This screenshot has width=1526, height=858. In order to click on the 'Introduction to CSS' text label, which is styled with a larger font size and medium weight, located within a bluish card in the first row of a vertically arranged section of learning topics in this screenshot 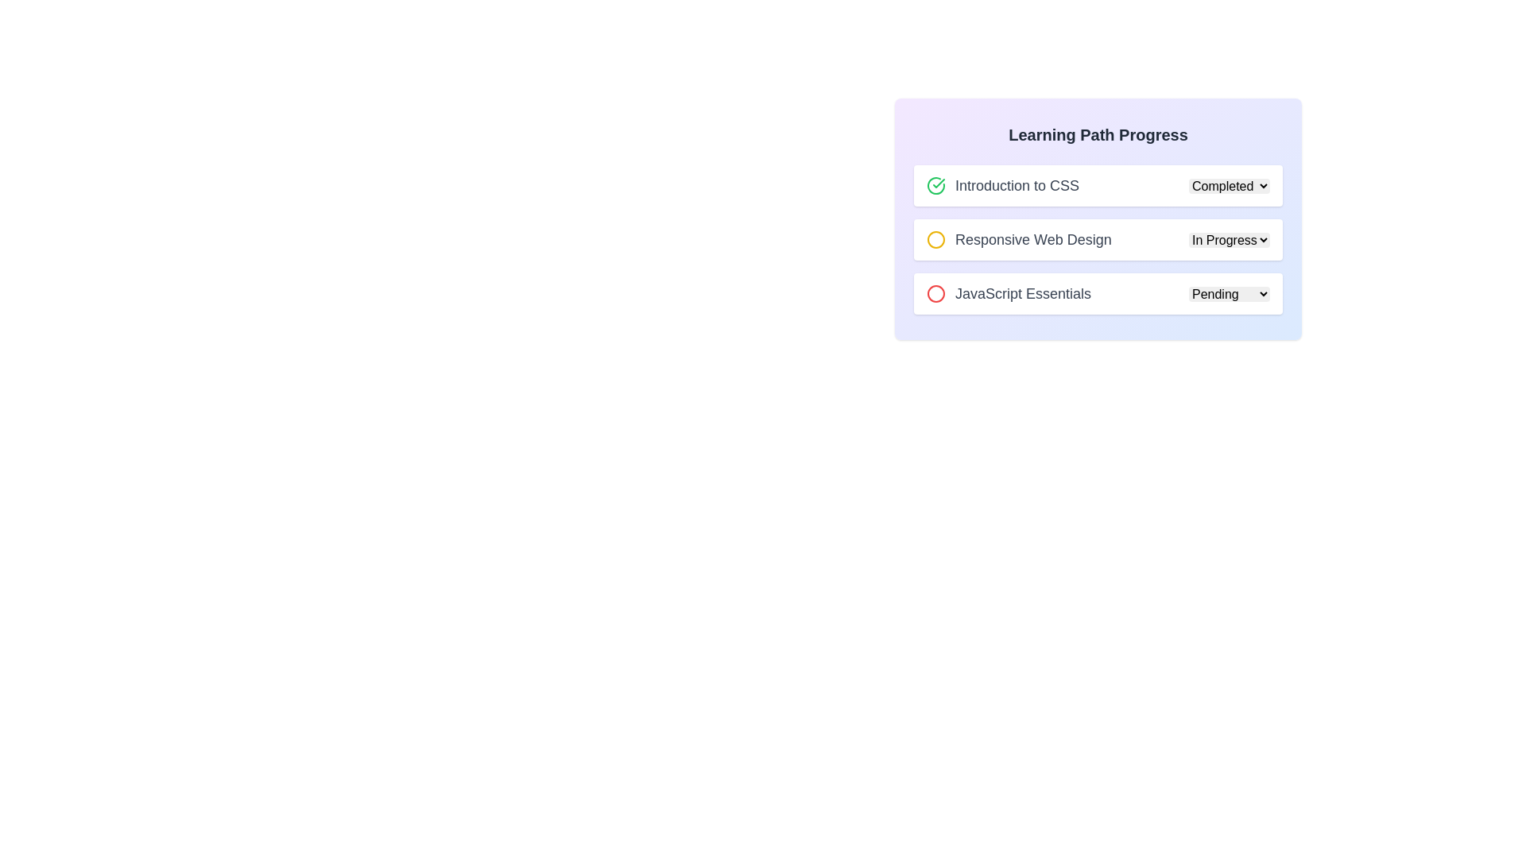, I will do `click(1017, 185)`.